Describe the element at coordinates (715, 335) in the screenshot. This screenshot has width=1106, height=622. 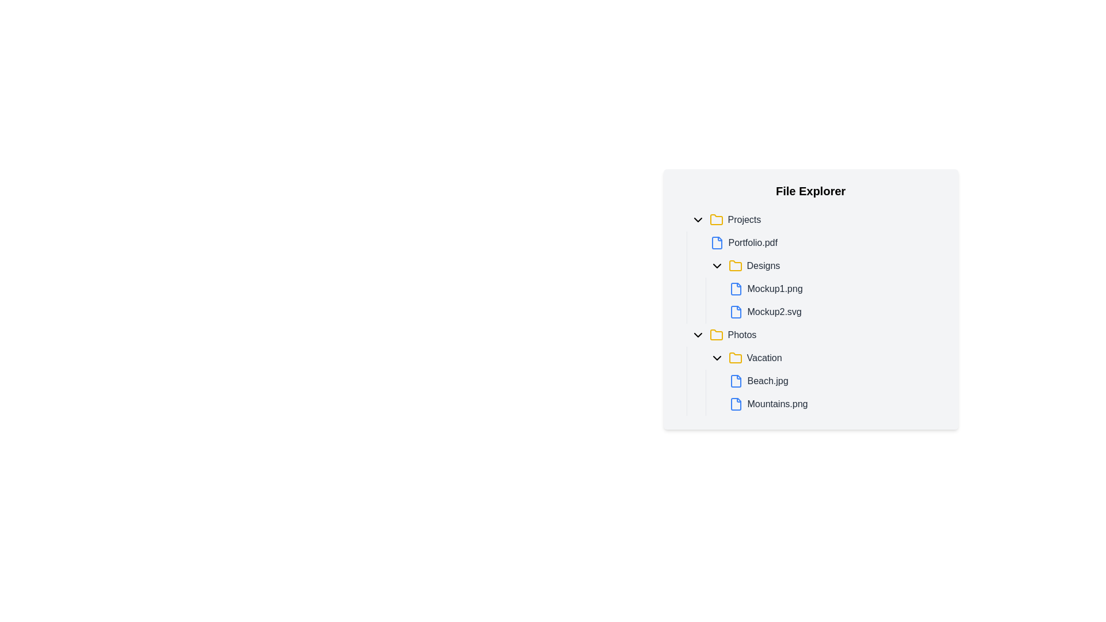
I see `the yellowish-orange folder icon located` at that location.